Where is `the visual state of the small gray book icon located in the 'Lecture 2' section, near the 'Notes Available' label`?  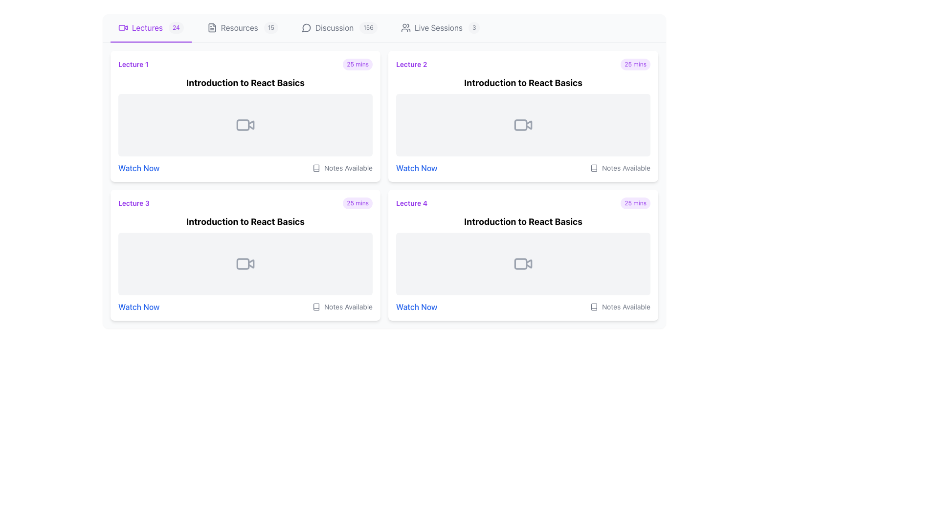
the visual state of the small gray book icon located in the 'Lecture 2' section, near the 'Notes Available' label is located at coordinates (593, 167).